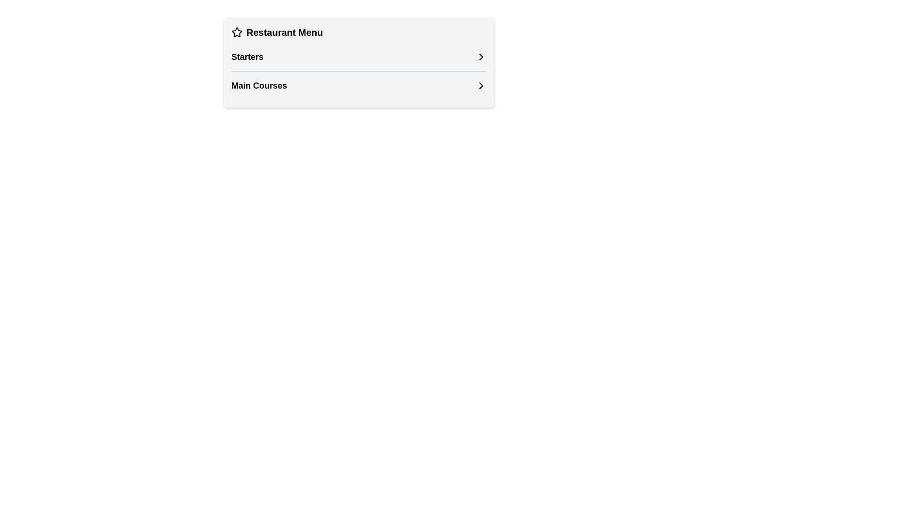 This screenshot has width=905, height=509. Describe the element at coordinates (481, 57) in the screenshot. I see `the right-facing chevron icon located in the top-right corner of the 'Restaurant Menu' item` at that location.